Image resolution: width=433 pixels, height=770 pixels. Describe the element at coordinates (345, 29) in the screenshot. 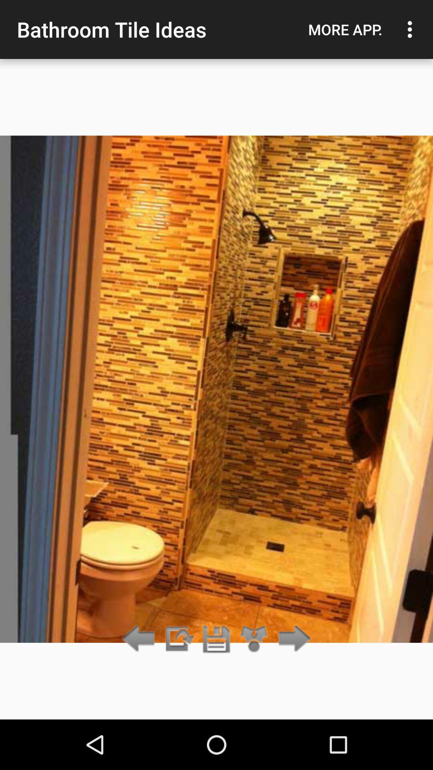

I see `the item next to the bathroom tile ideas` at that location.